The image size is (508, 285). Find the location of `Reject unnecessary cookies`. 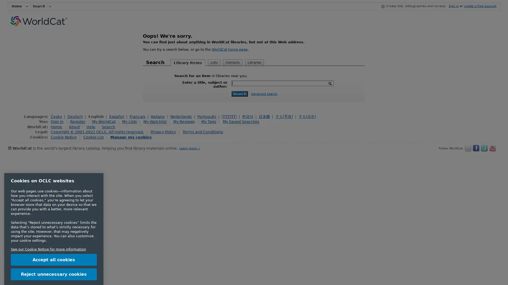

Reject unnecessary cookies is located at coordinates (54, 250).